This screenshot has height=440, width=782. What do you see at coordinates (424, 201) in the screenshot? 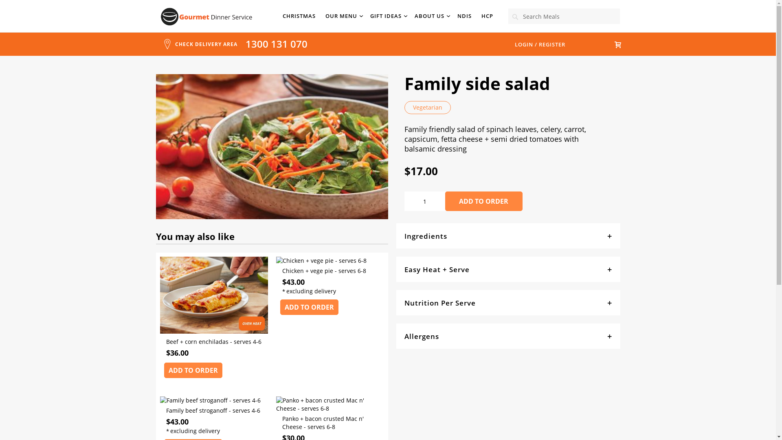
I see `'Qty'` at bounding box center [424, 201].